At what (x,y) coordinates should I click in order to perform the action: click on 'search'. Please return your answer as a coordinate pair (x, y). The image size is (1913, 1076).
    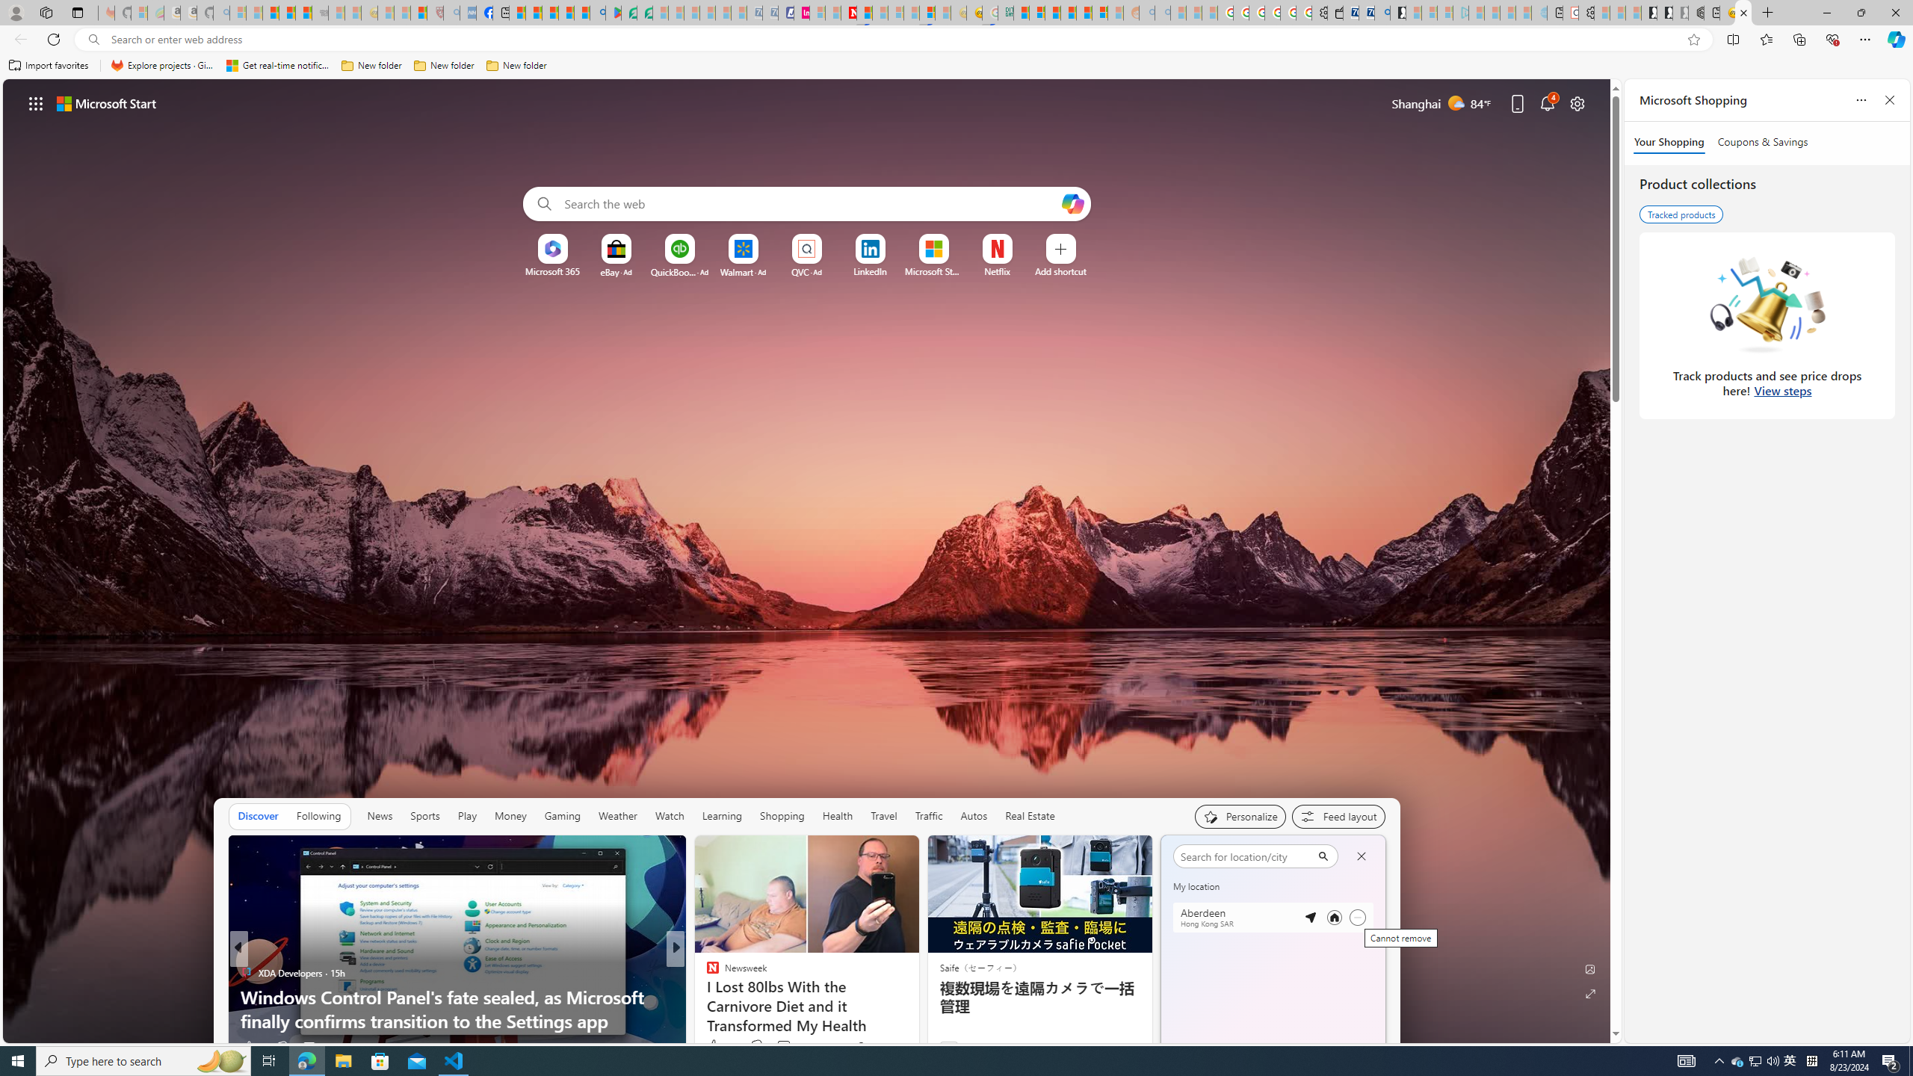
    Looking at the image, I should click on (1245, 856).